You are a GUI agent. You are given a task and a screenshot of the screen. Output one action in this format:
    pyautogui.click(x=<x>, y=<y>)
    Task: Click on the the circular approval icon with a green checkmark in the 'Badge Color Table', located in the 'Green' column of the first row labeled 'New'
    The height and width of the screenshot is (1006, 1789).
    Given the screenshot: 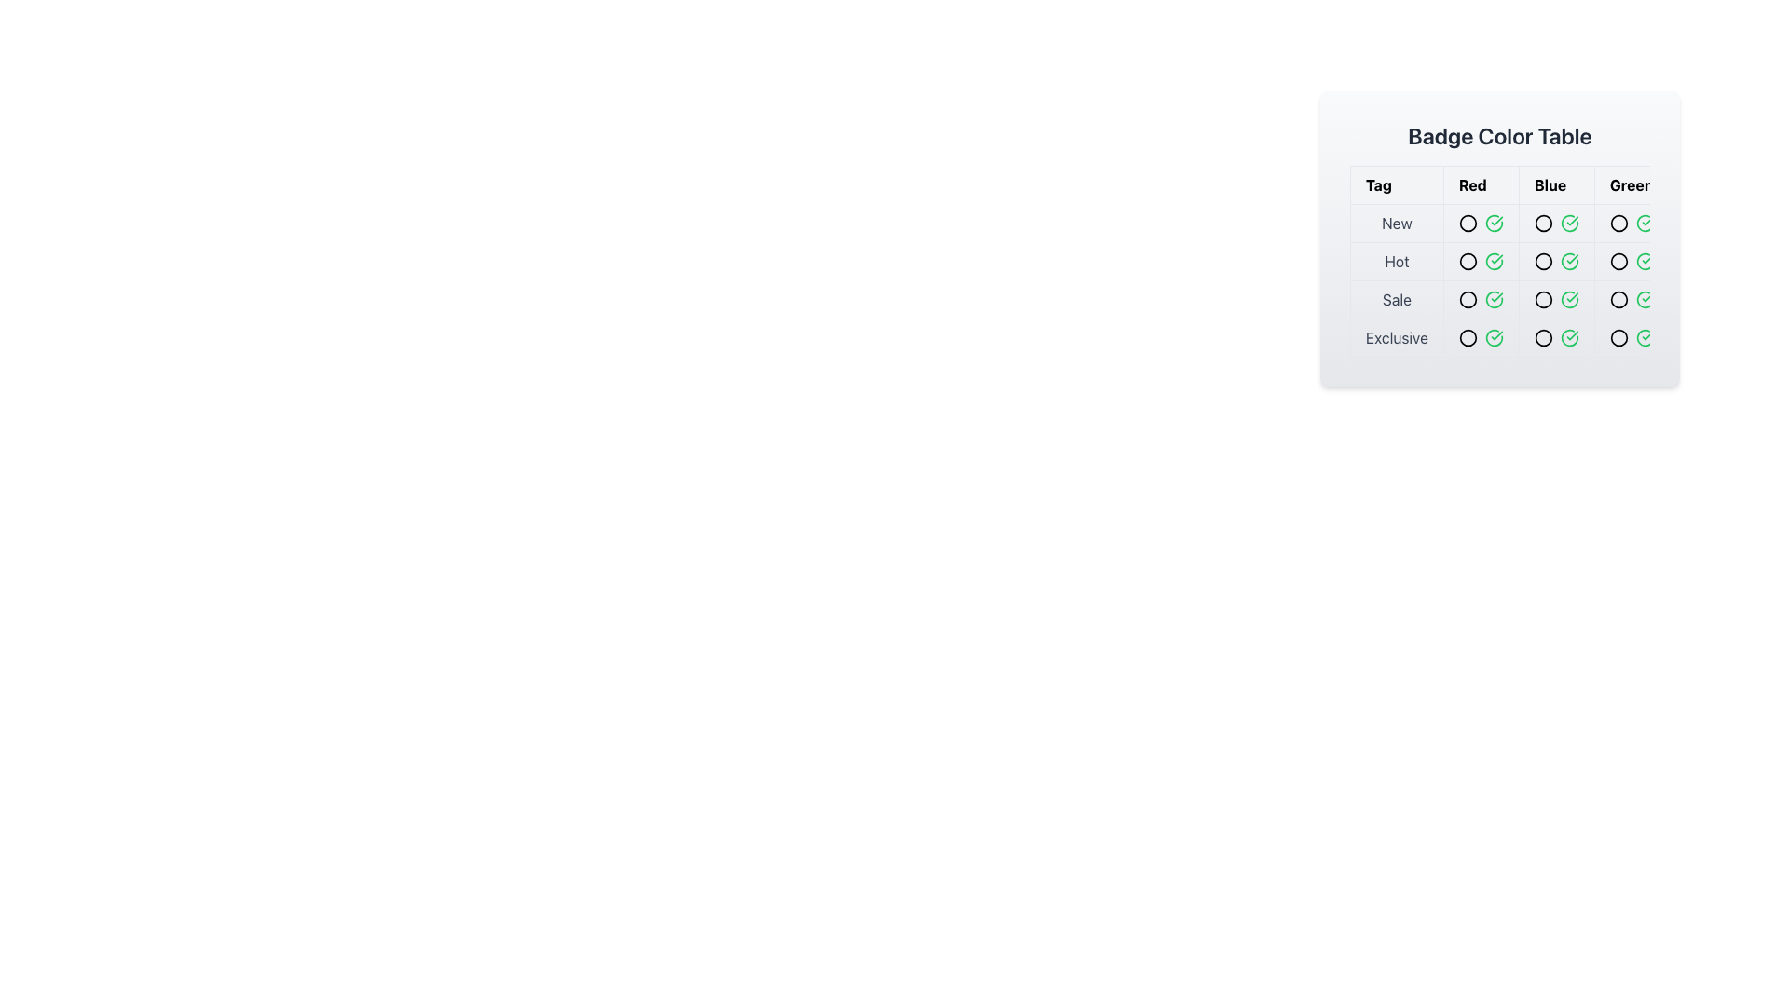 What is the action you would take?
    pyautogui.click(x=1645, y=222)
    